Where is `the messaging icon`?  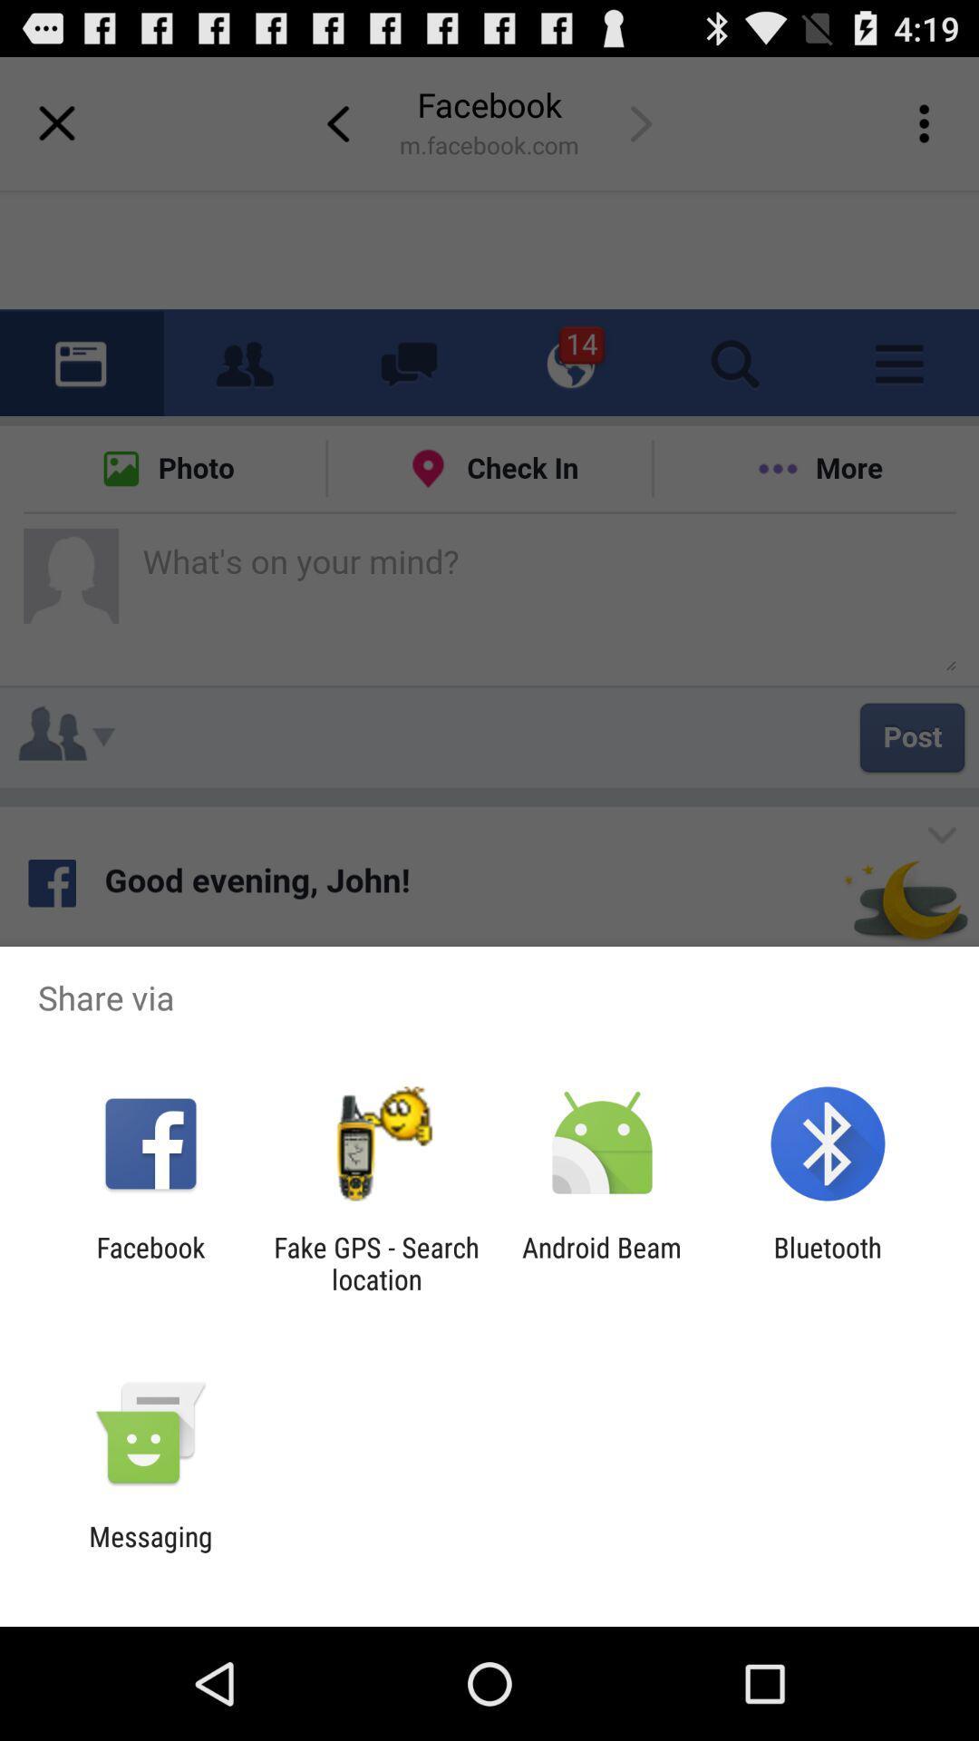 the messaging icon is located at coordinates (150, 1551).